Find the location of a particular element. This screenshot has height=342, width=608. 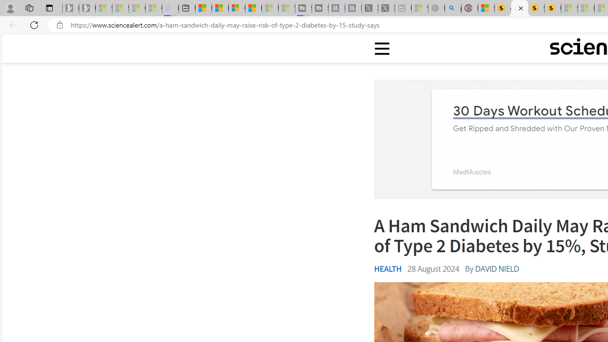

'poe - Search' is located at coordinates (453, 8).